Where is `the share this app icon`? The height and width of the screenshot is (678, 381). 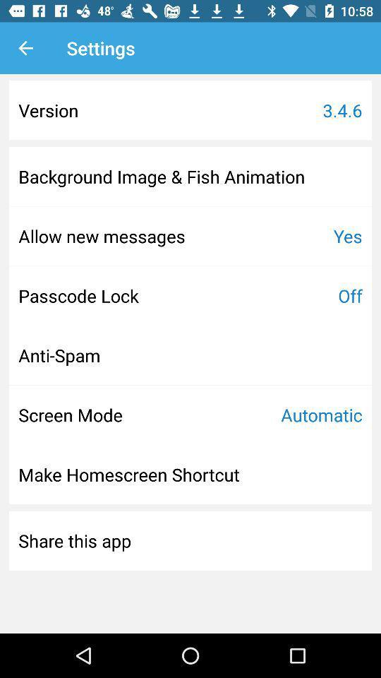 the share this app icon is located at coordinates (75, 540).